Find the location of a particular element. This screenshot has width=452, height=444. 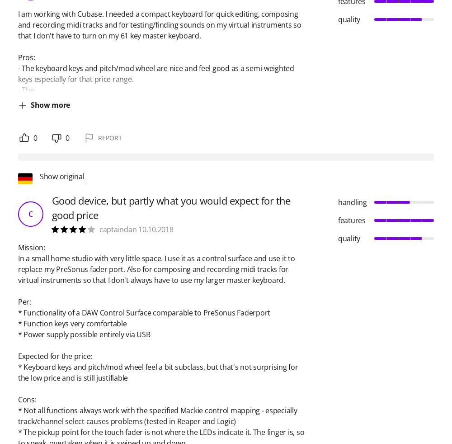

'* Power supply possible entirely via USB' is located at coordinates (84, 334).